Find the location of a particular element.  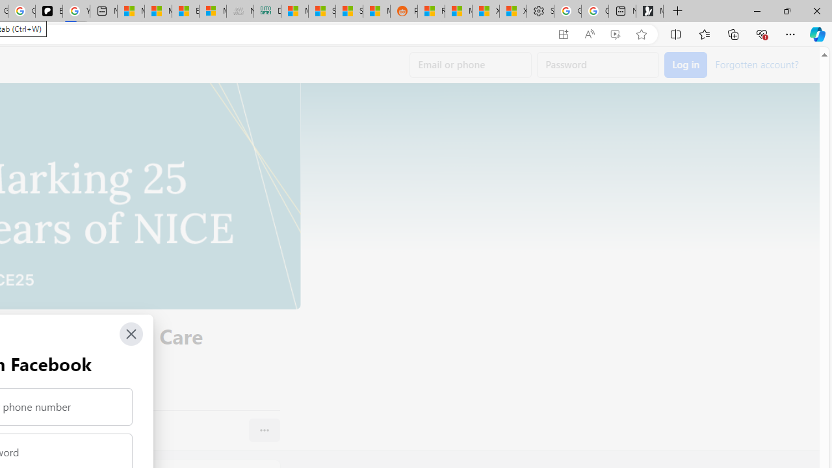

'DITOGAMES AG Imprint' is located at coordinates (266, 11).